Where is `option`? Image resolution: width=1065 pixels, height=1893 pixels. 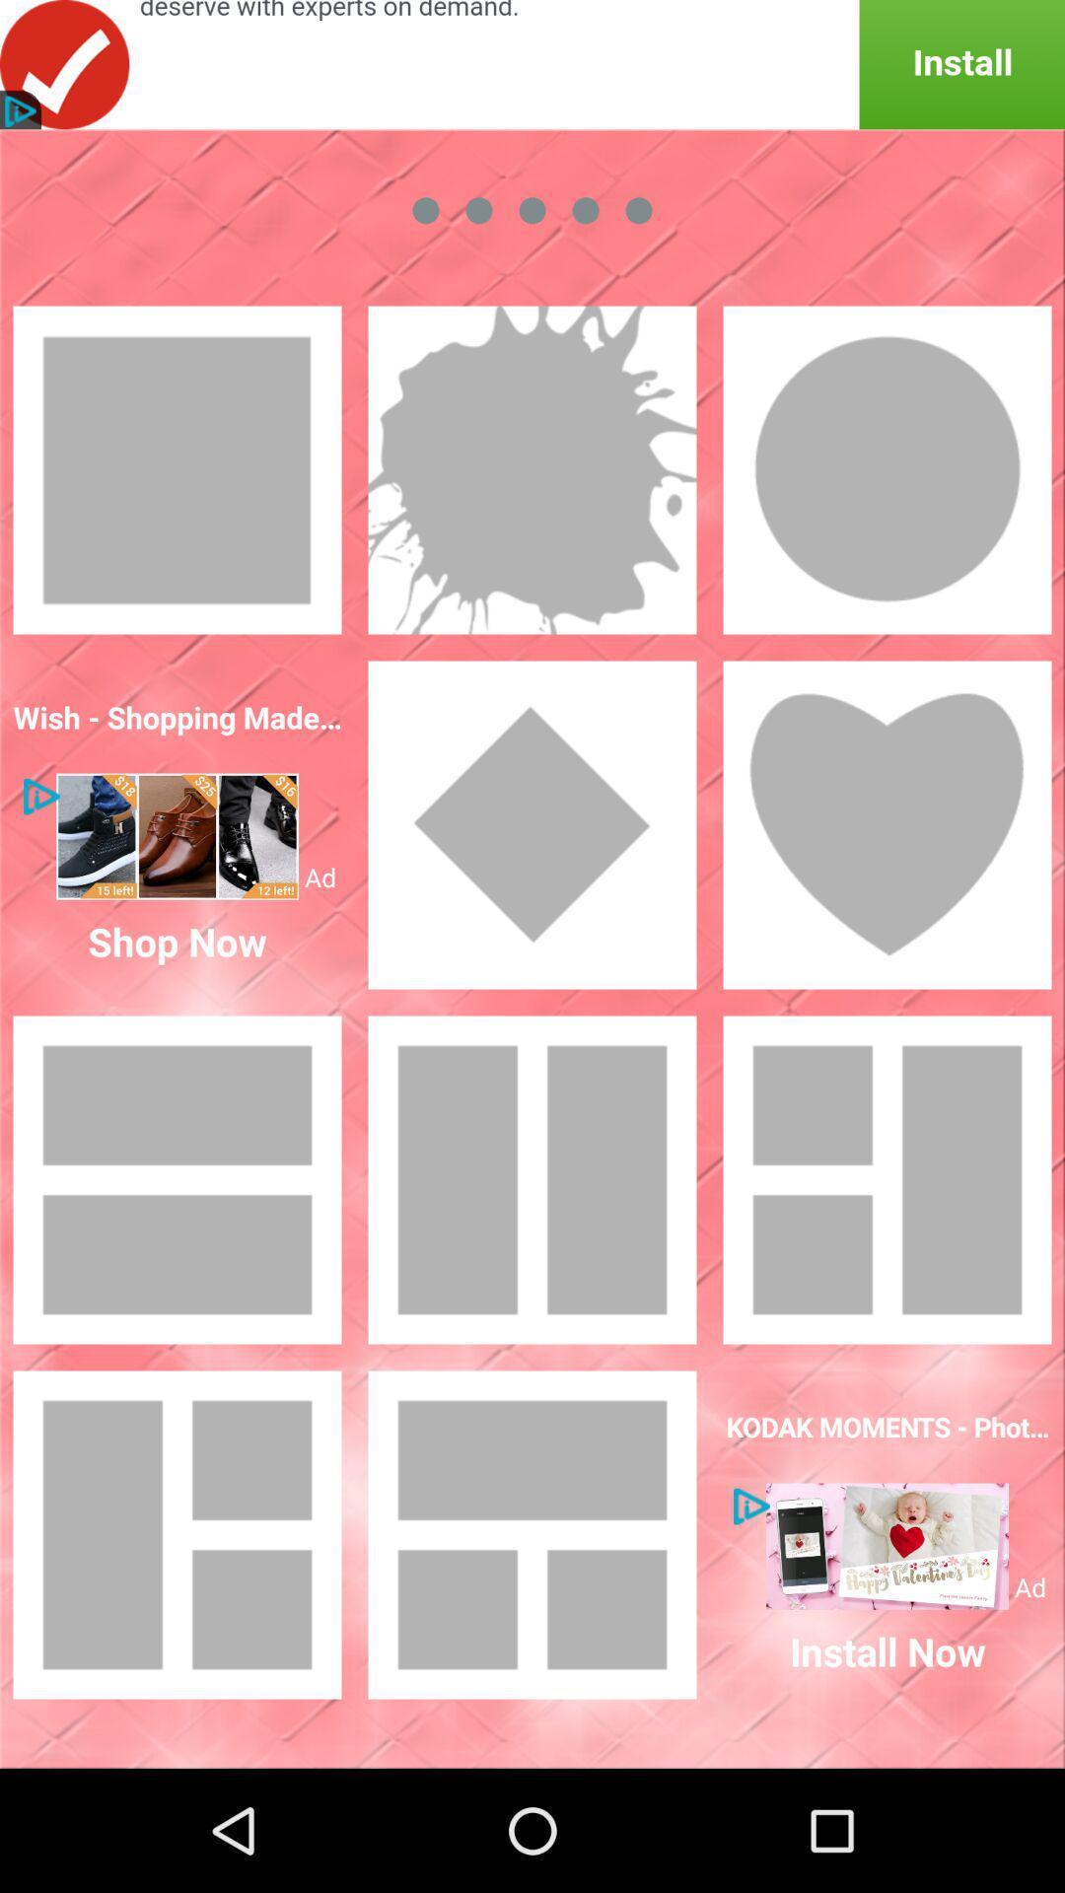 option is located at coordinates (886, 1545).